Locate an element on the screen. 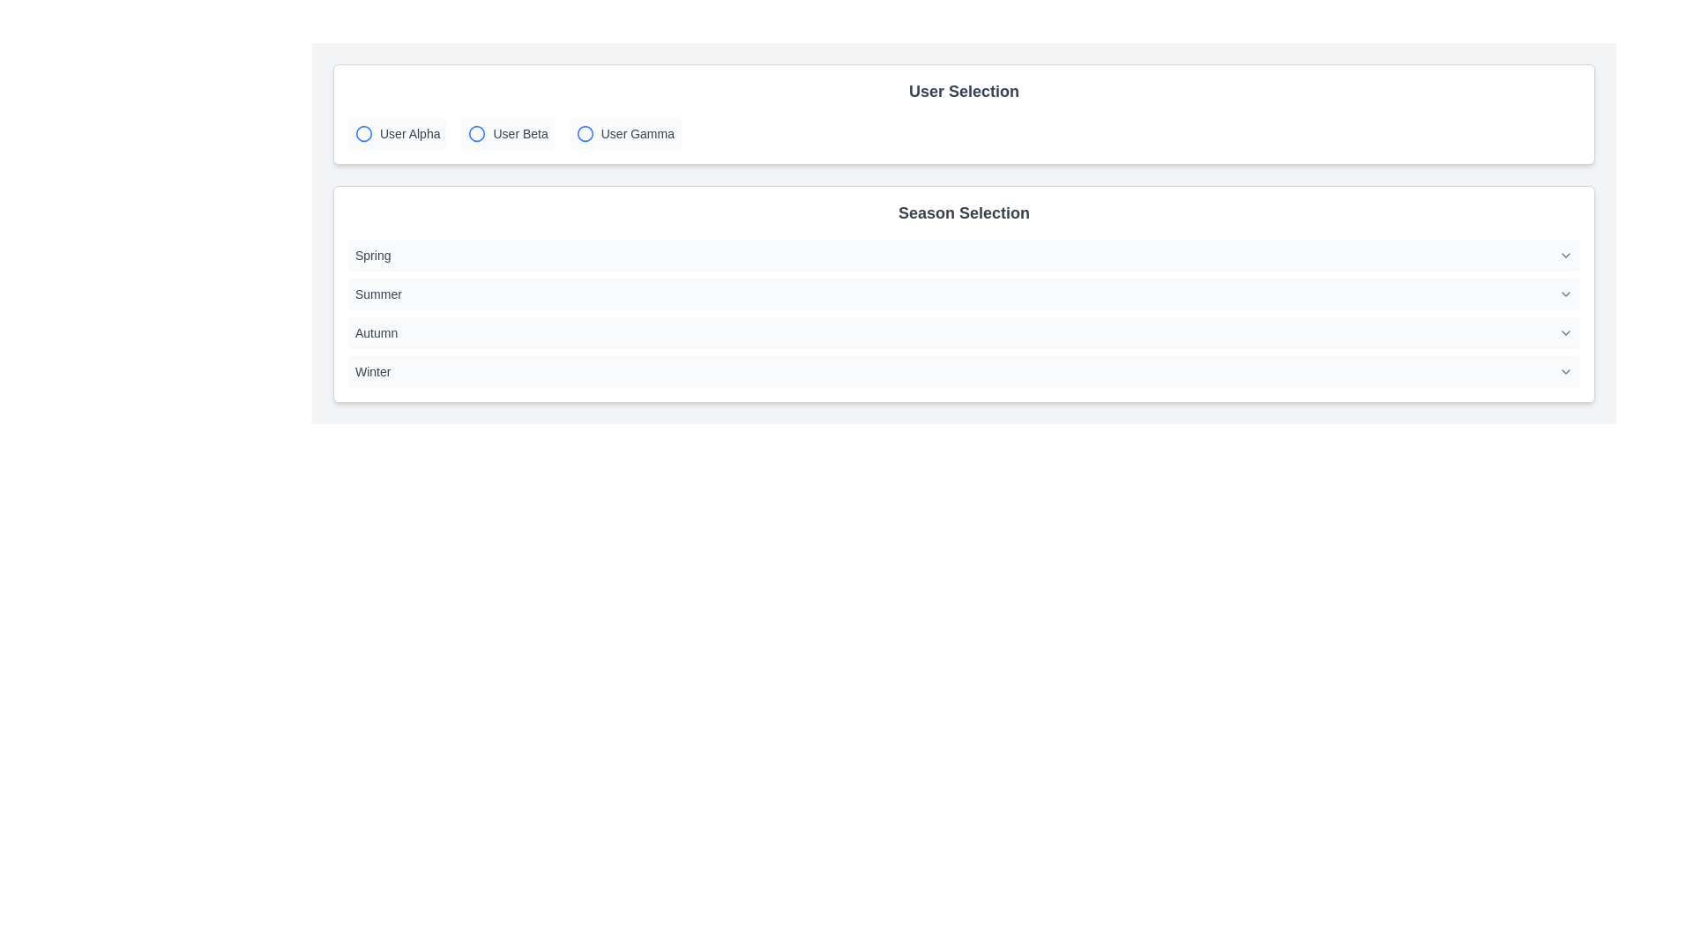 The width and height of the screenshot is (1693, 952). the 'Winter' option button with a light-gray background and rounded corners located in the 'Season Selection' section is located at coordinates (963, 370).